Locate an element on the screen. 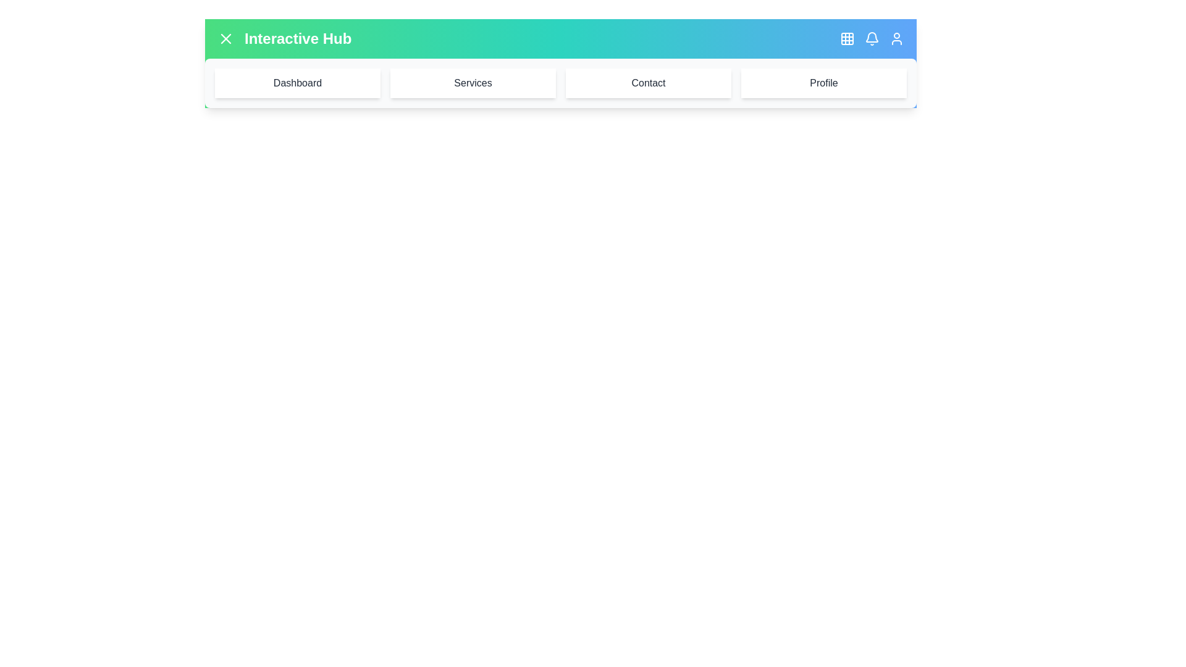  the menu item labeled Profile is located at coordinates (824, 83).